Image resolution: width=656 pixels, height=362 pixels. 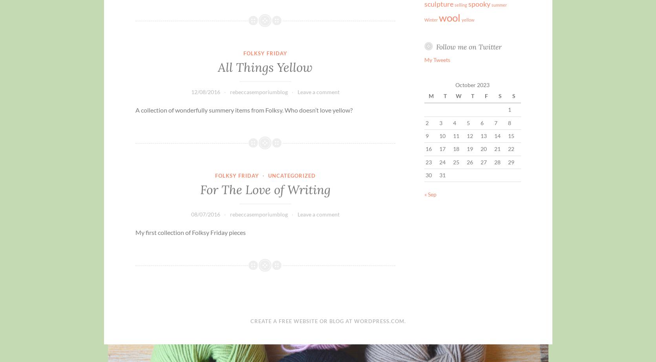 What do you see at coordinates (468, 47) in the screenshot?
I see `'Follow me on Twitter'` at bounding box center [468, 47].